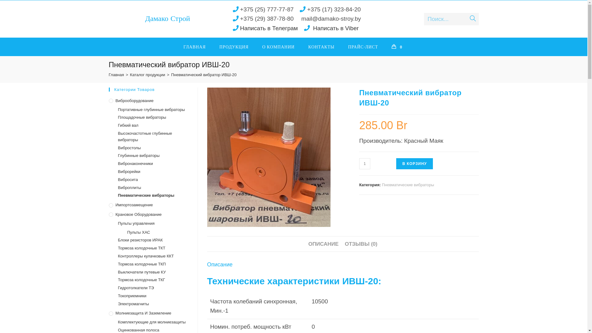 The height and width of the screenshot is (333, 592). I want to click on '0', so click(384, 46).